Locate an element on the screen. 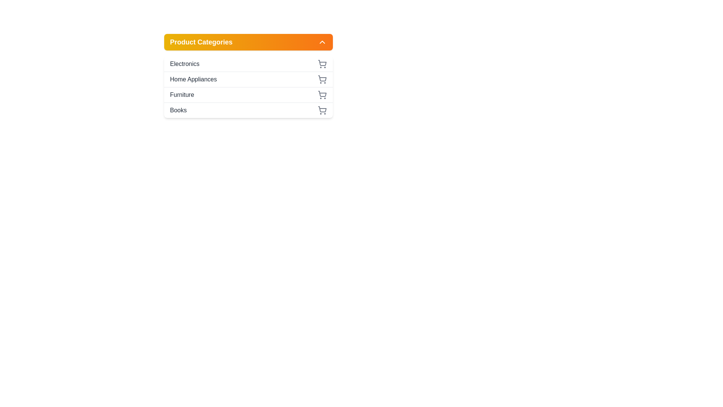 The width and height of the screenshot is (723, 407). the static text label indicating the category title 'Furniture', which is the third item in a vertical list of category labels is located at coordinates (182, 94).